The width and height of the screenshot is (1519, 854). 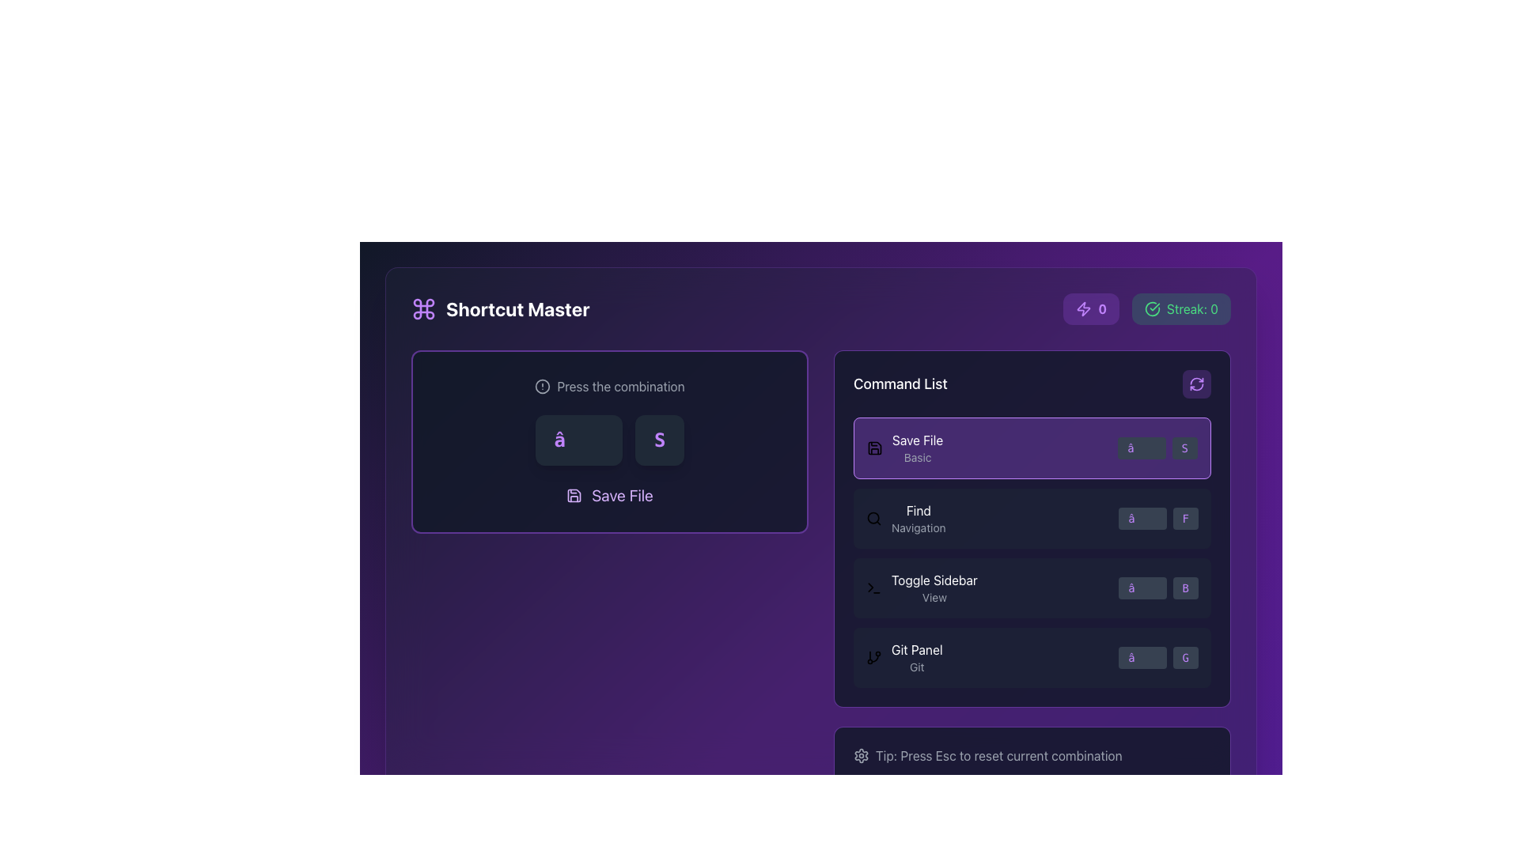 What do you see at coordinates (934, 580) in the screenshot?
I see `the 'Toggle Sidebar' text label, which is the third item in the 'Command List' section styled in white on a dark purple background` at bounding box center [934, 580].